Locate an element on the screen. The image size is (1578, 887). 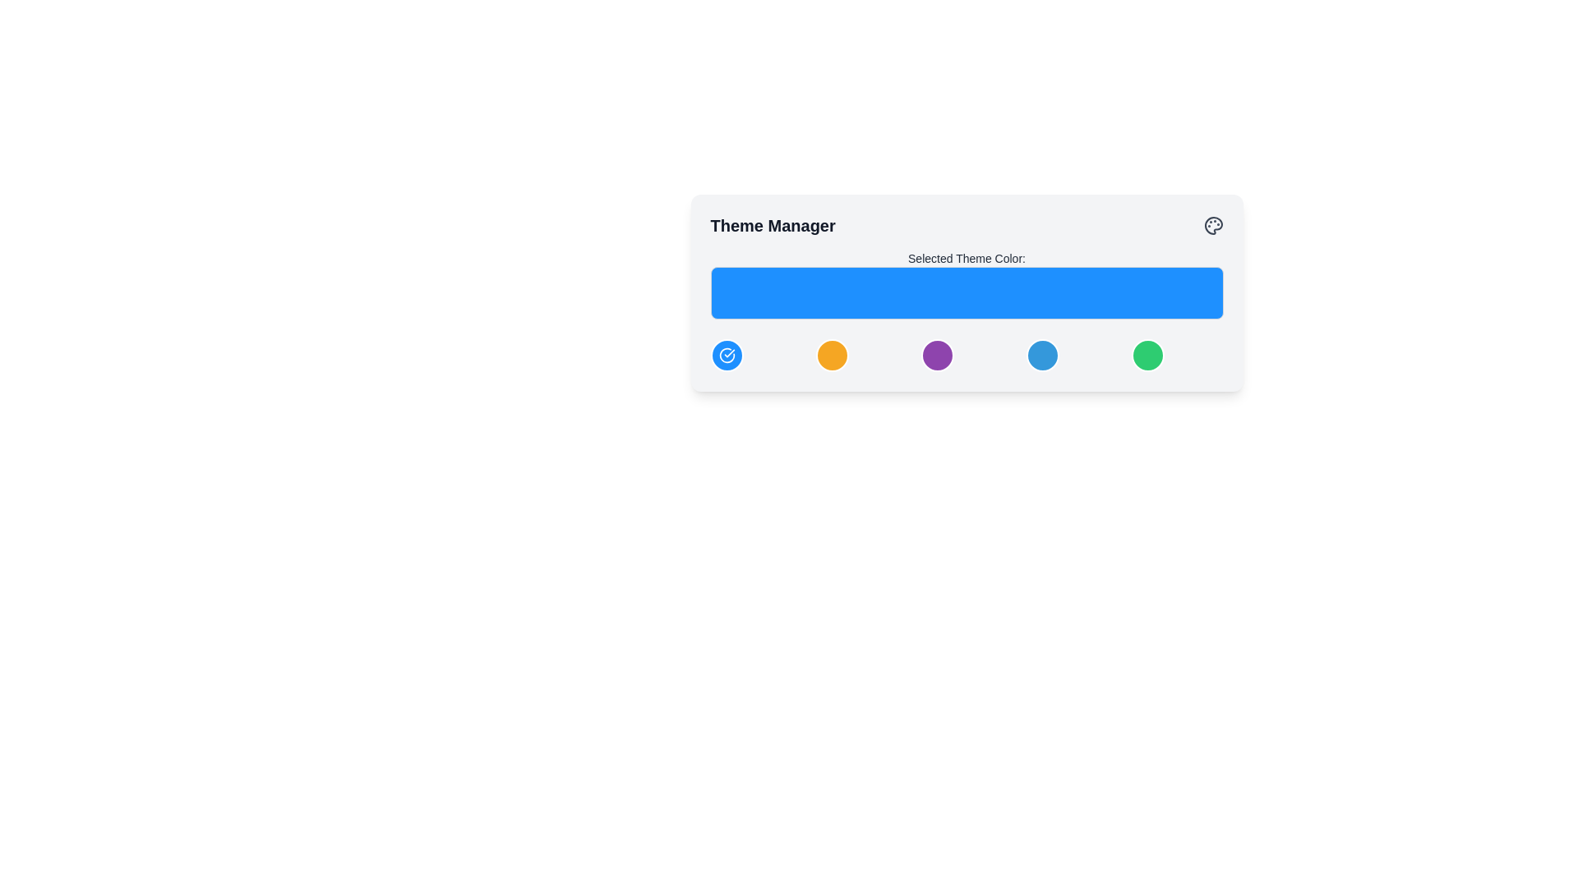
the vivid orange circular button with a white border located beneath the 'Selected Theme Color' bar is located at coordinates (832, 354).